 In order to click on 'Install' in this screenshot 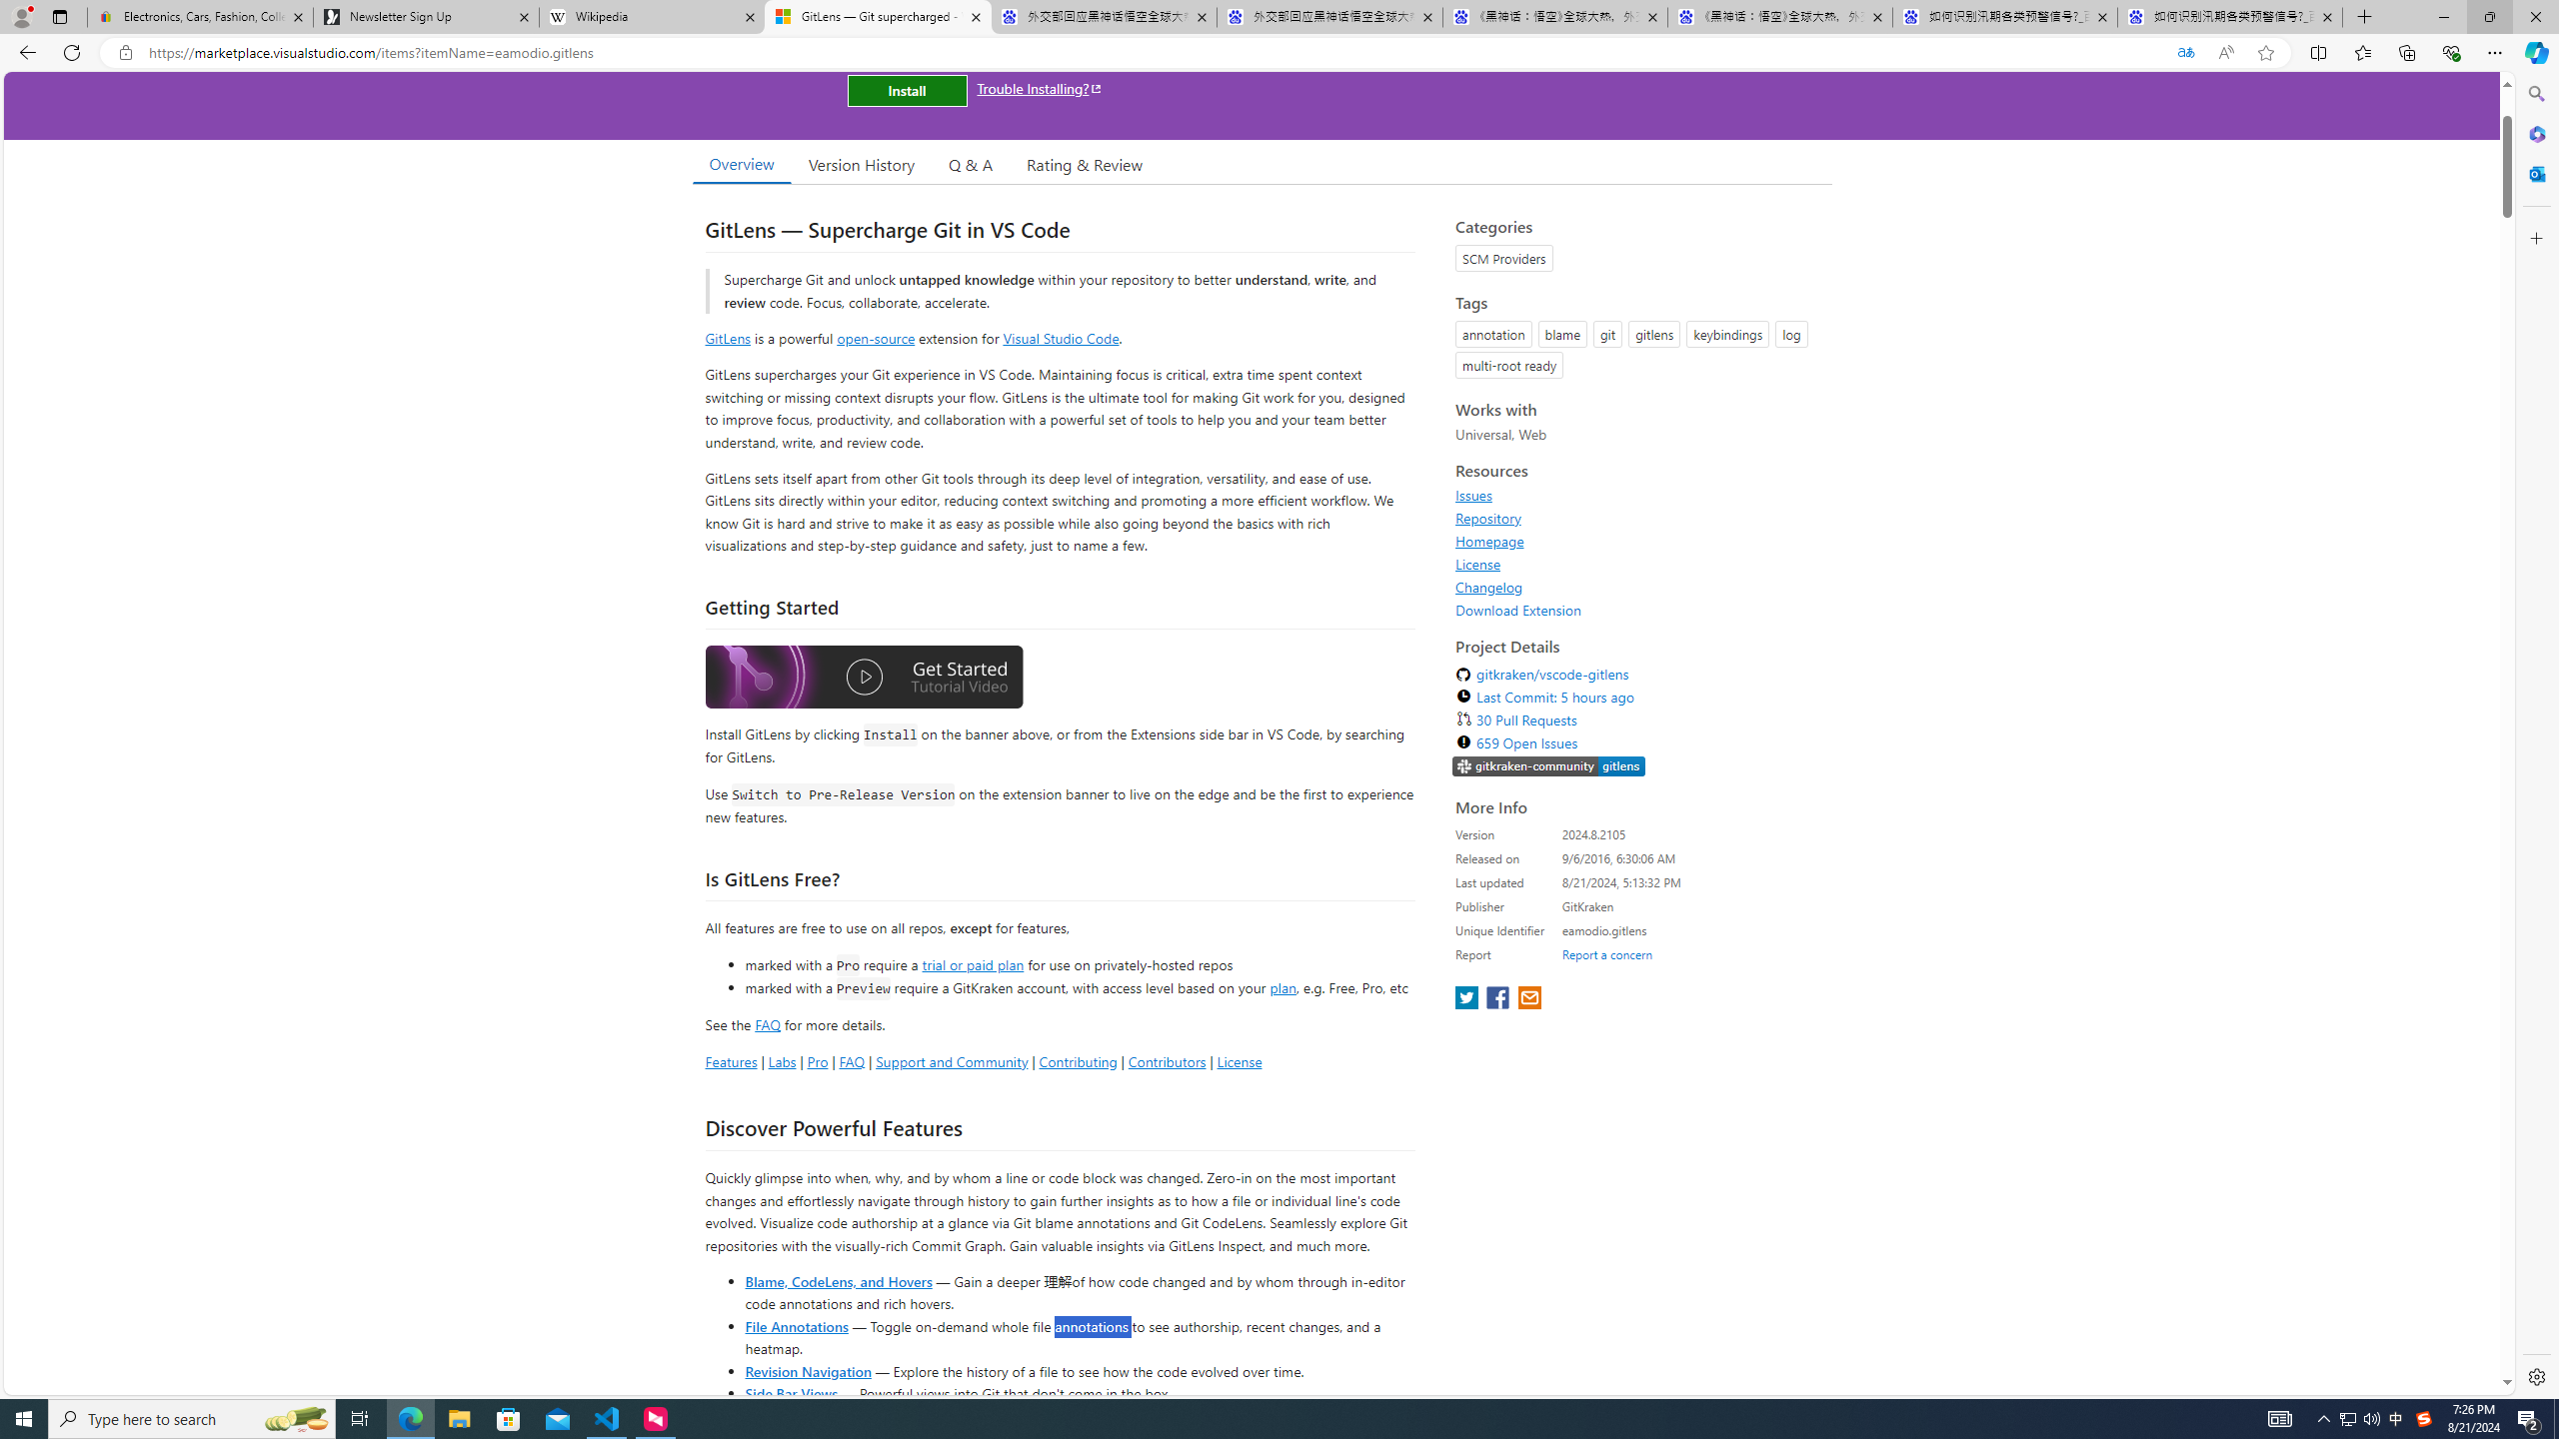, I will do `click(906, 89)`.